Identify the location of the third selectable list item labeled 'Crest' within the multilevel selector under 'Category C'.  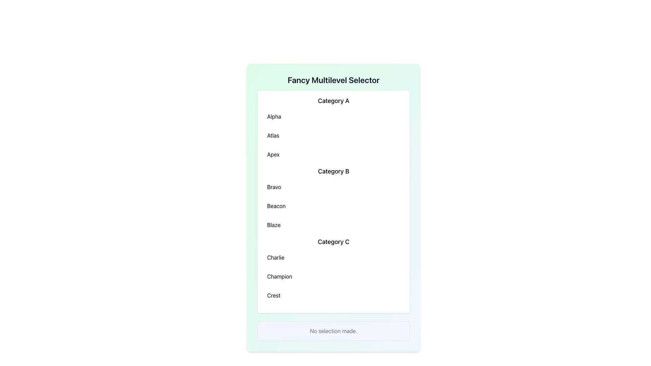
(333, 295).